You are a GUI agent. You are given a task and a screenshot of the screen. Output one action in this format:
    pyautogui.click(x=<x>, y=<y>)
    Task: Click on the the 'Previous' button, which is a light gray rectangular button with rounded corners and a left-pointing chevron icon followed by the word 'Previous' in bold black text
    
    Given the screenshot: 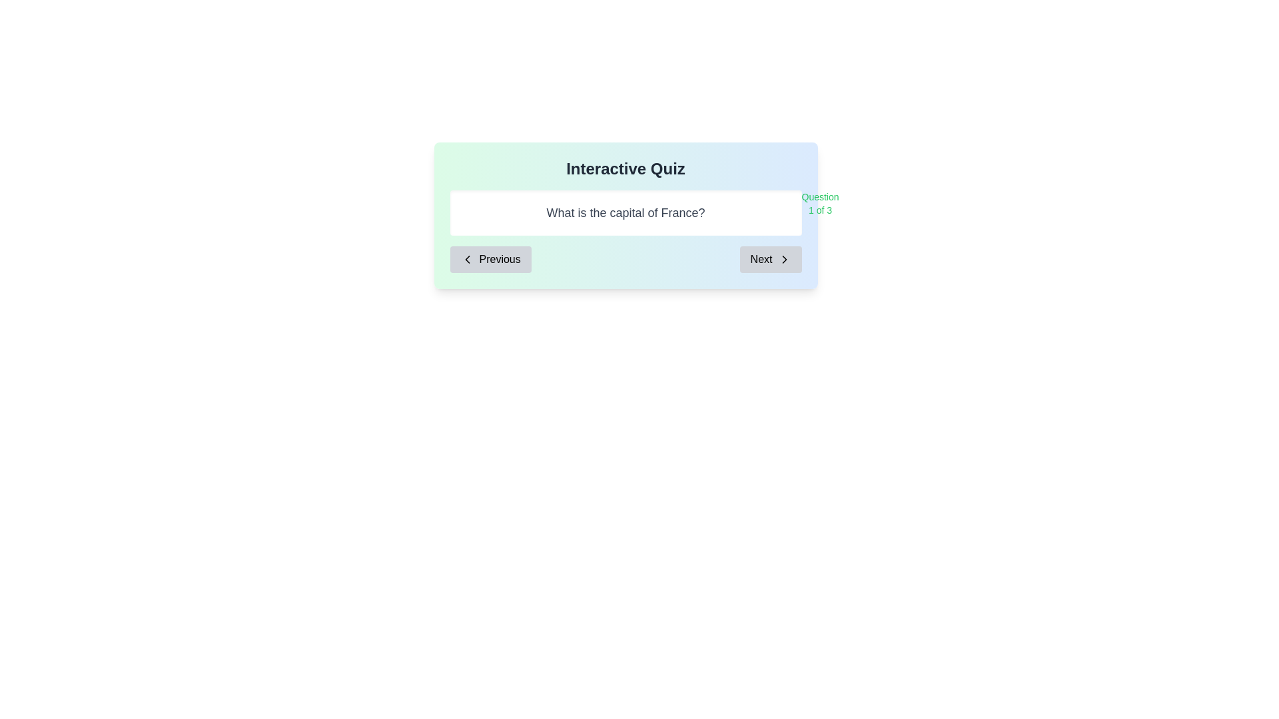 What is the action you would take?
    pyautogui.click(x=490, y=259)
    